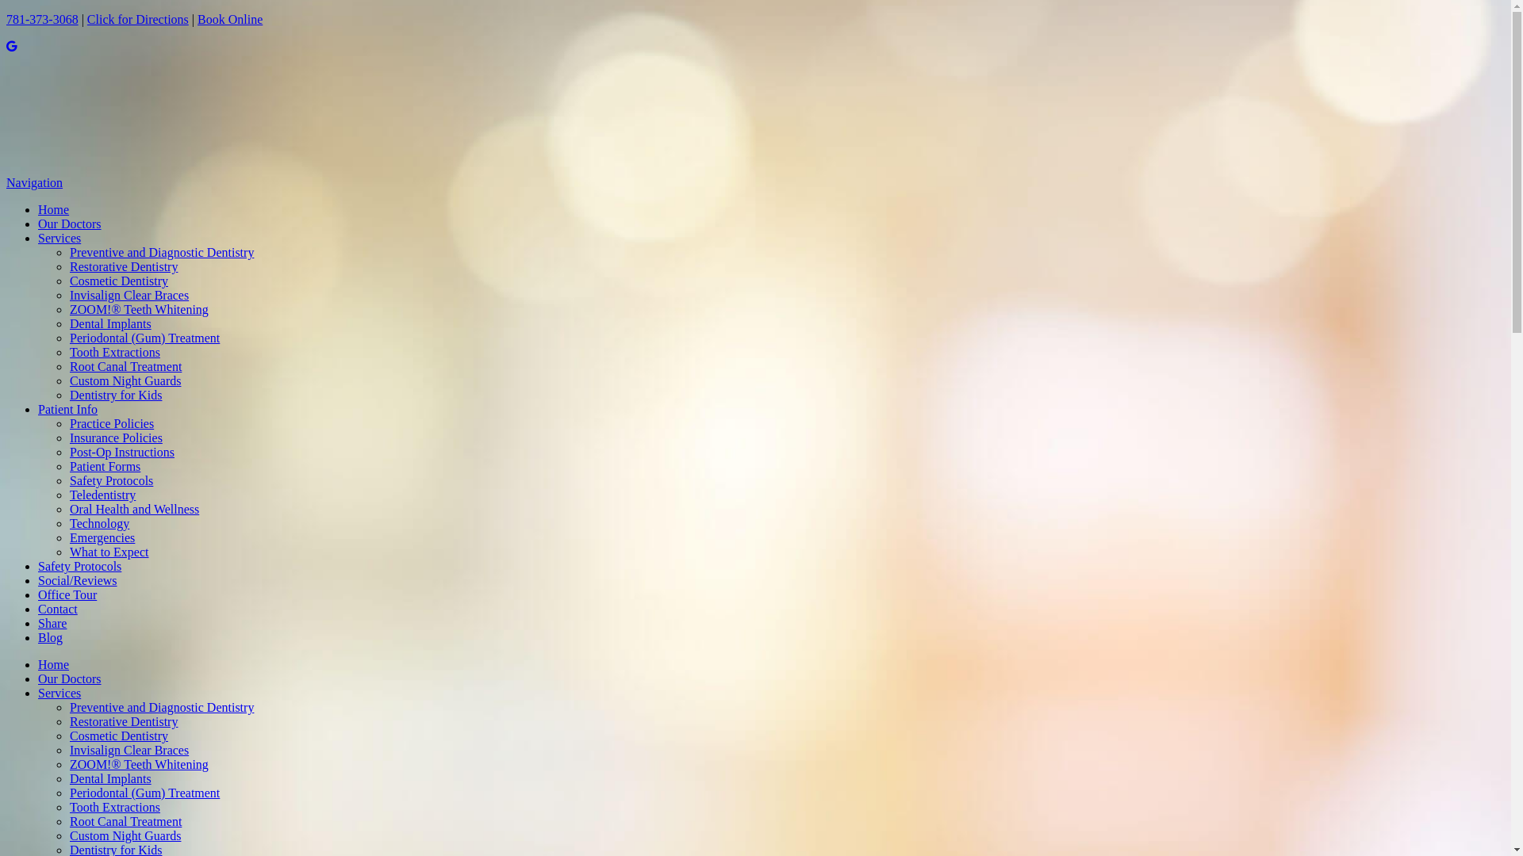 This screenshot has height=856, width=1523. Describe the element at coordinates (42, 19) in the screenshot. I see `'781-373-3068'` at that location.